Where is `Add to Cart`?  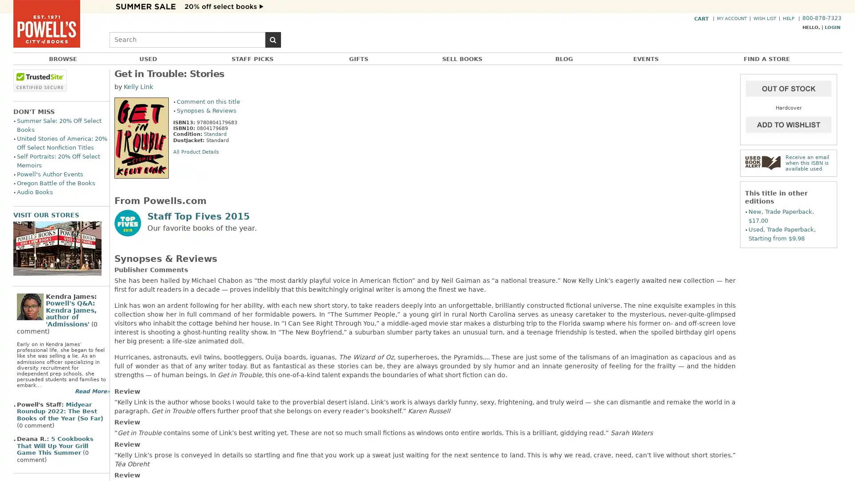 Add to Cart is located at coordinates (789, 88).